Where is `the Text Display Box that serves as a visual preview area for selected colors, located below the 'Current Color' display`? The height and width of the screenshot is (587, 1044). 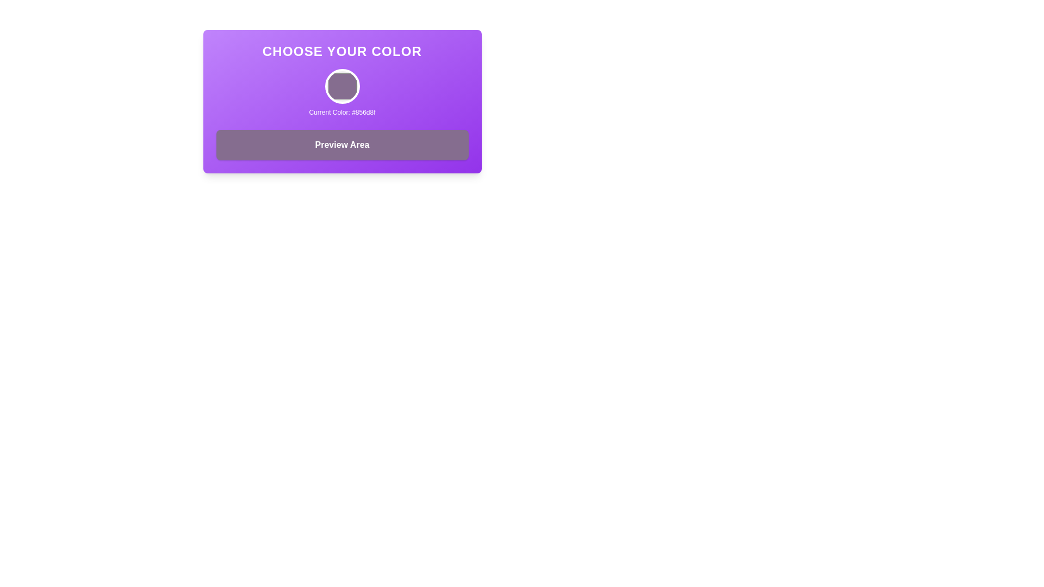
the Text Display Box that serves as a visual preview area for selected colors, located below the 'Current Color' display is located at coordinates (341, 144).